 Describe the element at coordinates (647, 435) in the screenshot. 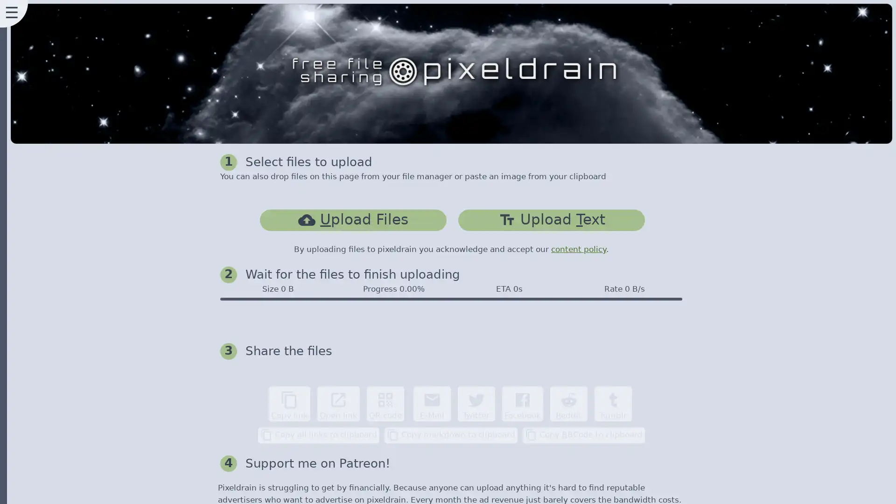

I see `content_copy Copy BBCode to clipboard` at that location.